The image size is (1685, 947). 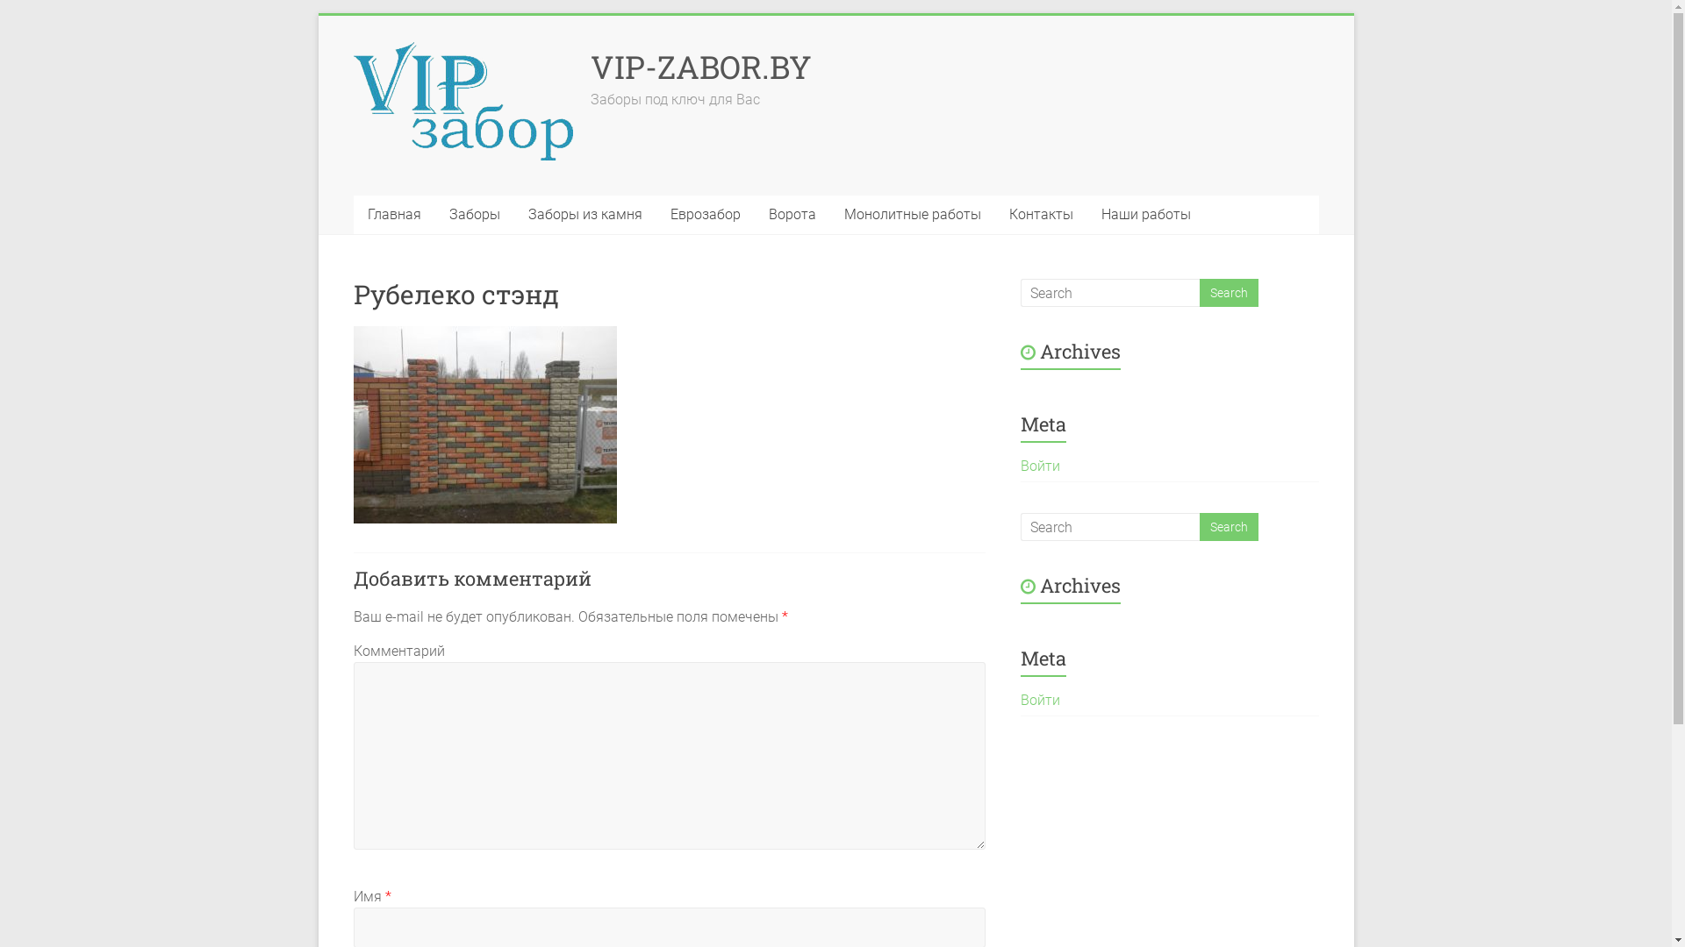 What do you see at coordinates (699, 66) in the screenshot?
I see `'VIP-ZABOR.BY'` at bounding box center [699, 66].